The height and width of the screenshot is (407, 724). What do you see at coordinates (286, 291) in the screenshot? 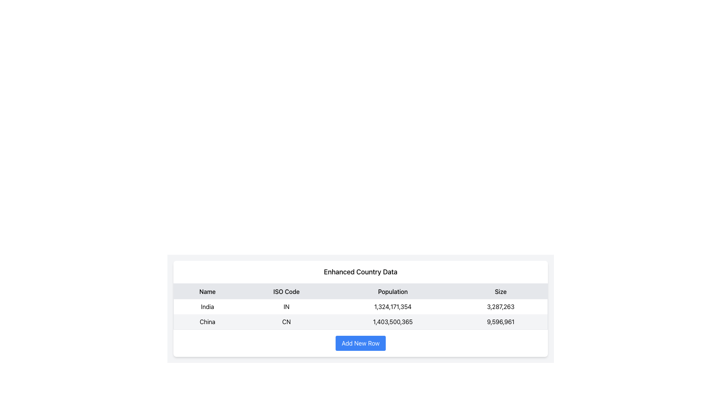
I see `text from the header cell displaying 'ISO Code', which is the second header cell in the table layout` at bounding box center [286, 291].